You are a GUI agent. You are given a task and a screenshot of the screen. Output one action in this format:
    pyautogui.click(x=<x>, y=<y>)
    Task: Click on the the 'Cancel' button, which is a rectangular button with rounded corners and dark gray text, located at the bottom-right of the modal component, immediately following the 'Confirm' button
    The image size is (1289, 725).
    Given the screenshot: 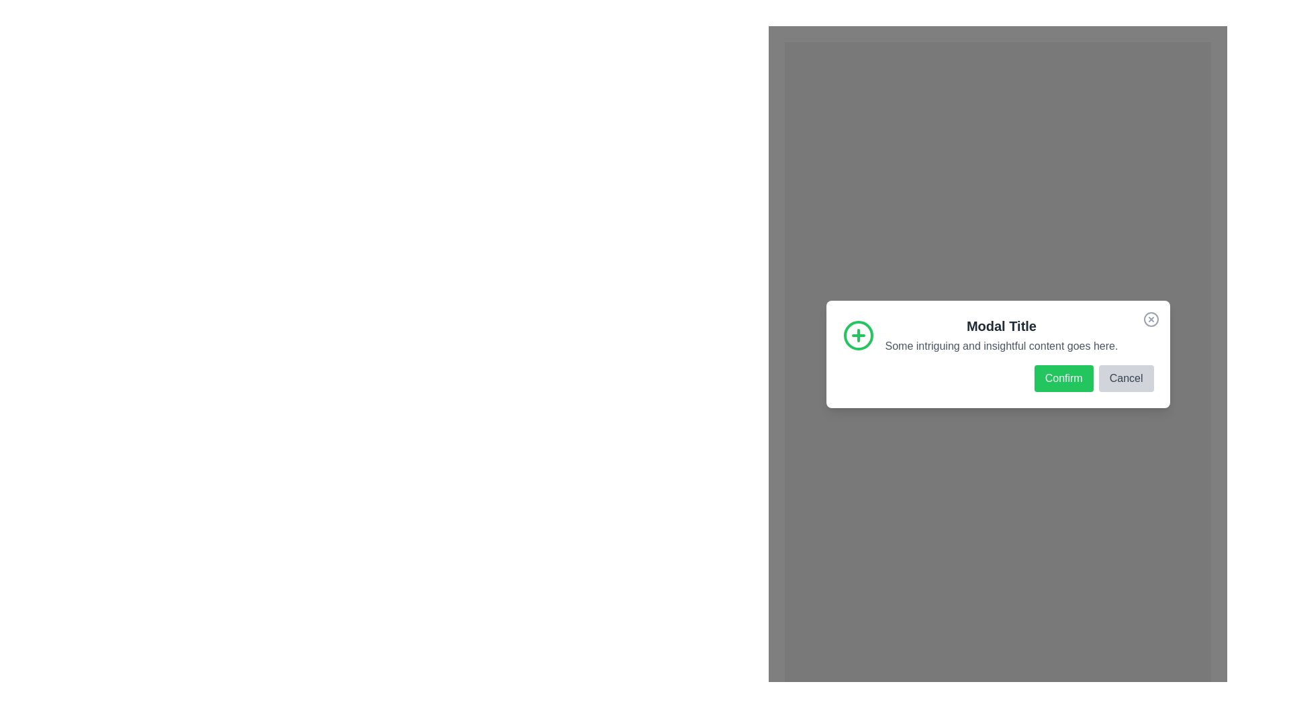 What is the action you would take?
    pyautogui.click(x=1126, y=378)
    